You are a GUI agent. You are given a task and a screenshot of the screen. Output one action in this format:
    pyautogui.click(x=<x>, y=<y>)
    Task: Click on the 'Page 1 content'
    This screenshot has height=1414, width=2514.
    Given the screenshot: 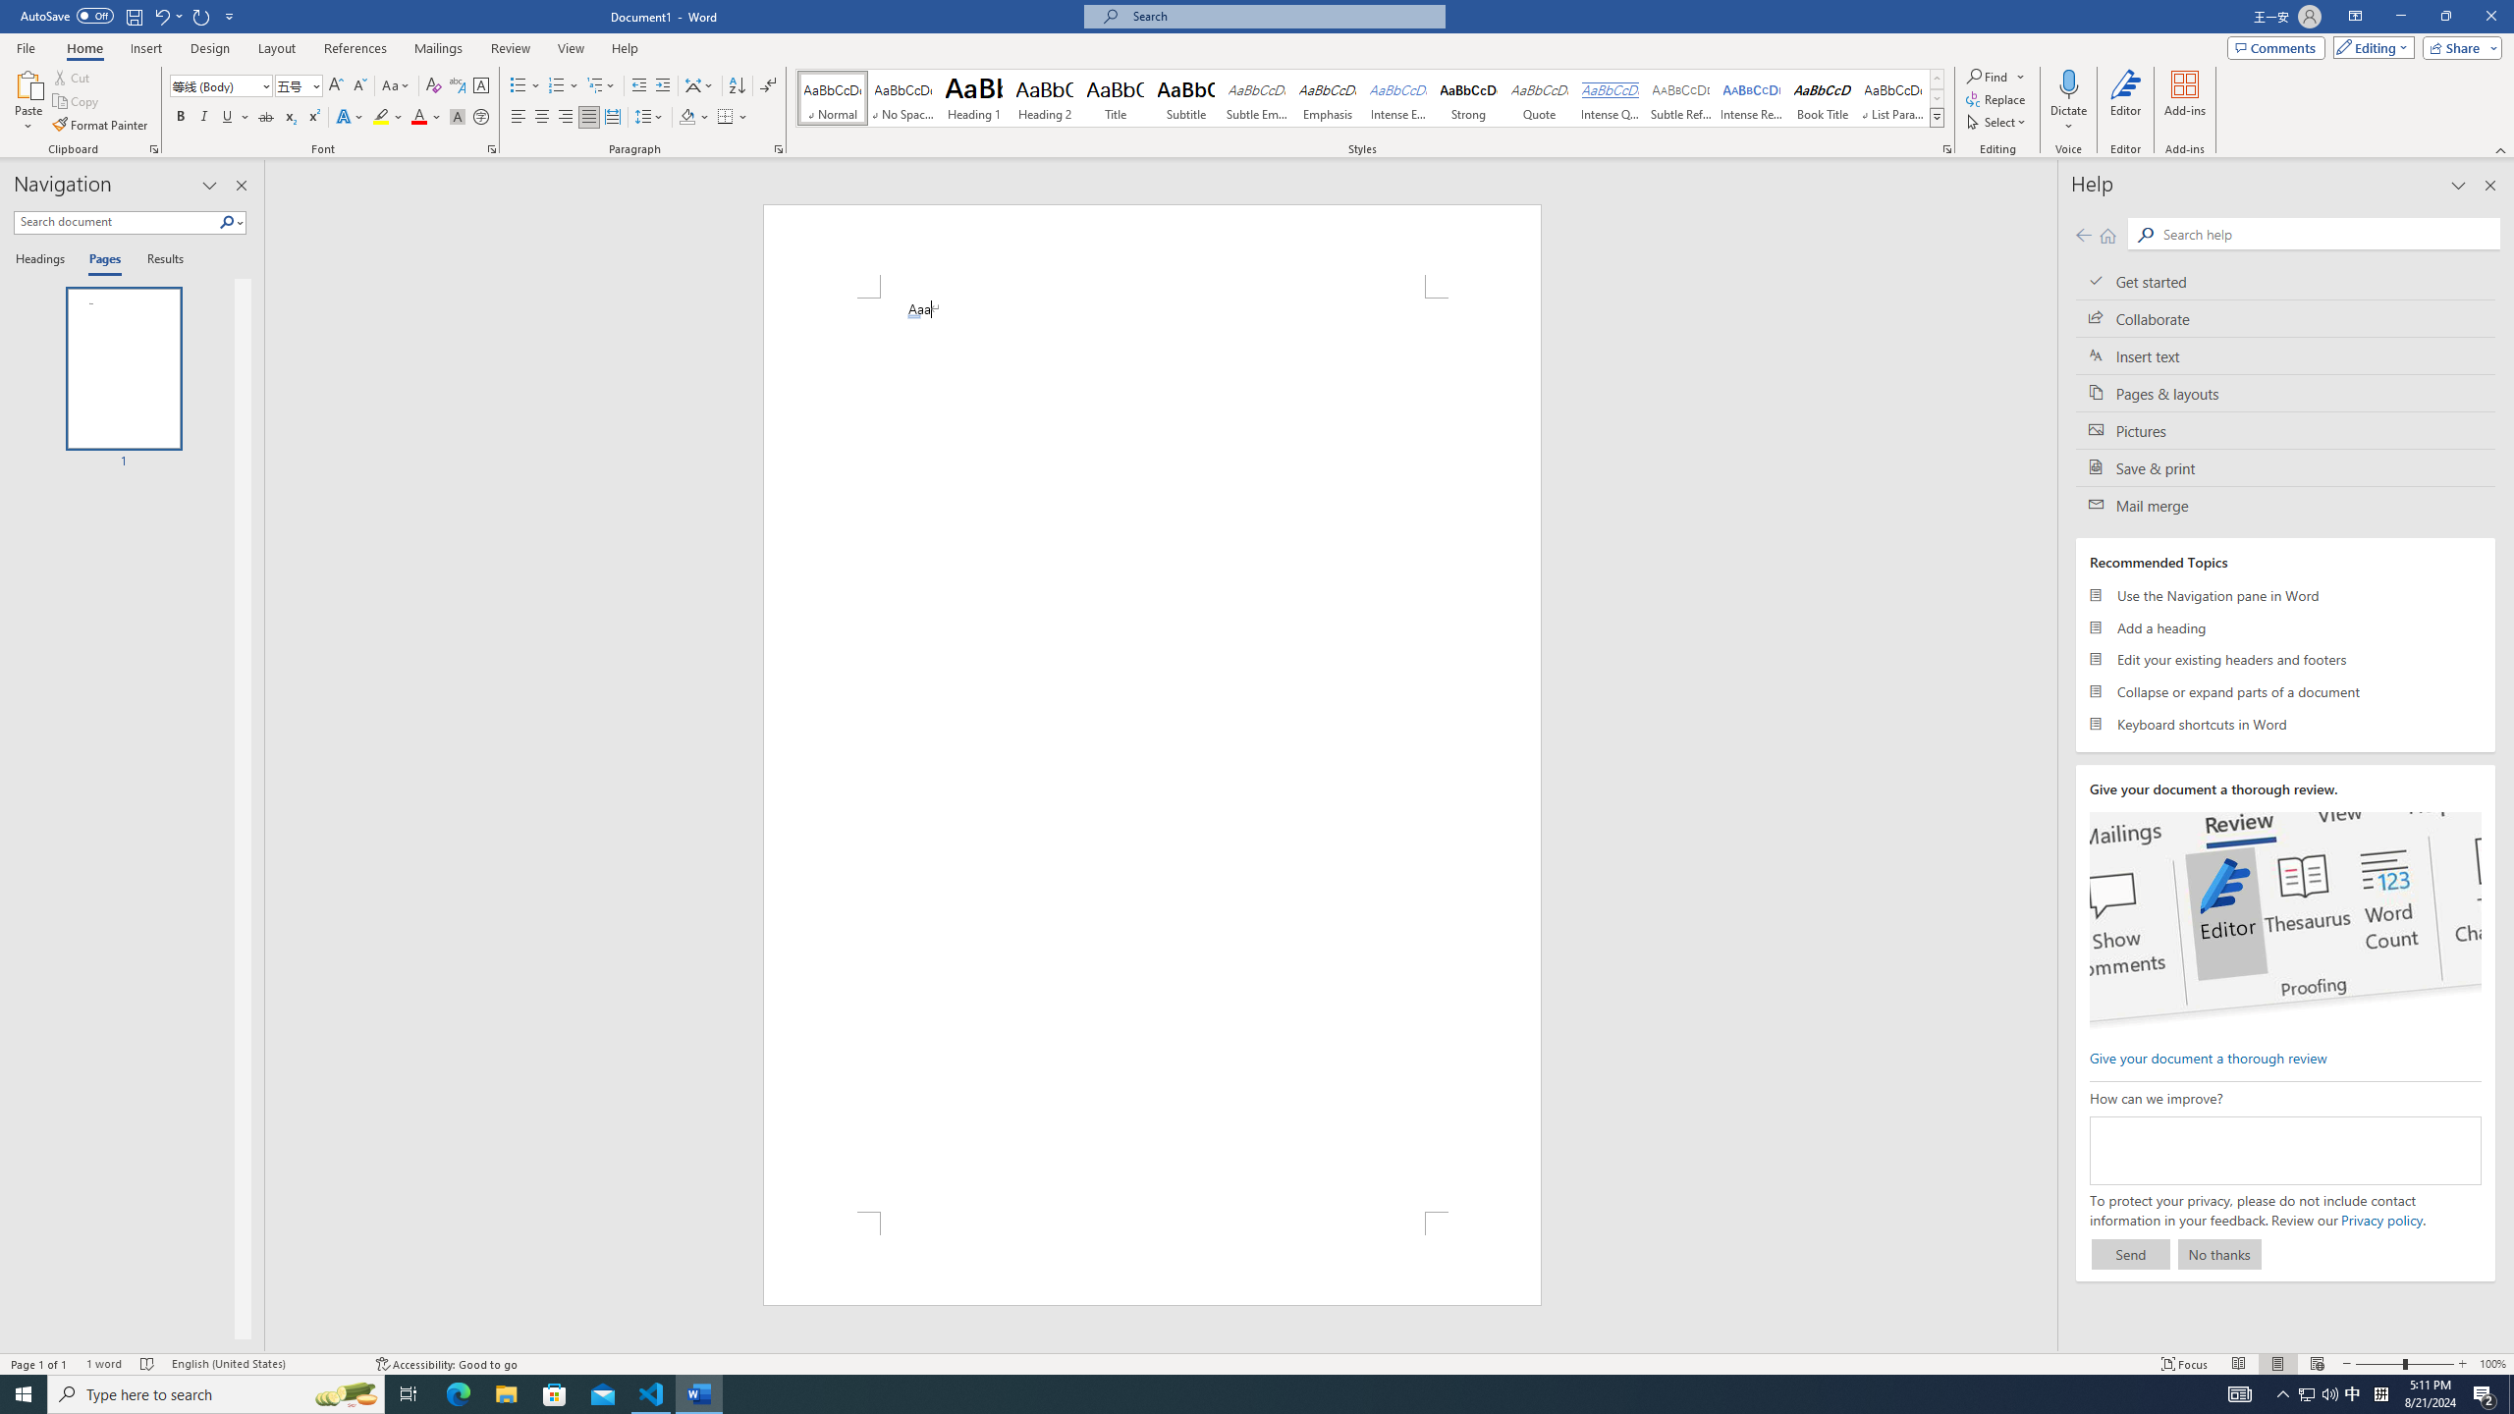 What is the action you would take?
    pyautogui.click(x=1152, y=753)
    